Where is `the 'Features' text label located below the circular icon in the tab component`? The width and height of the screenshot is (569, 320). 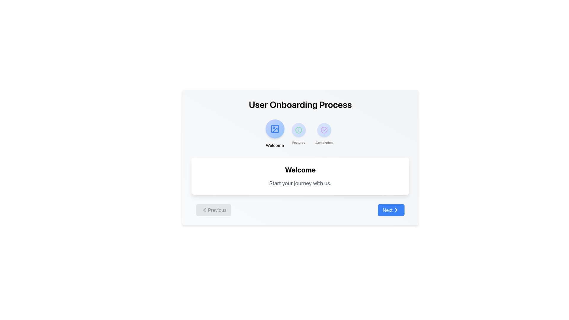
the 'Features' text label located below the circular icon in the tab component is located at coordinates (298, 143).